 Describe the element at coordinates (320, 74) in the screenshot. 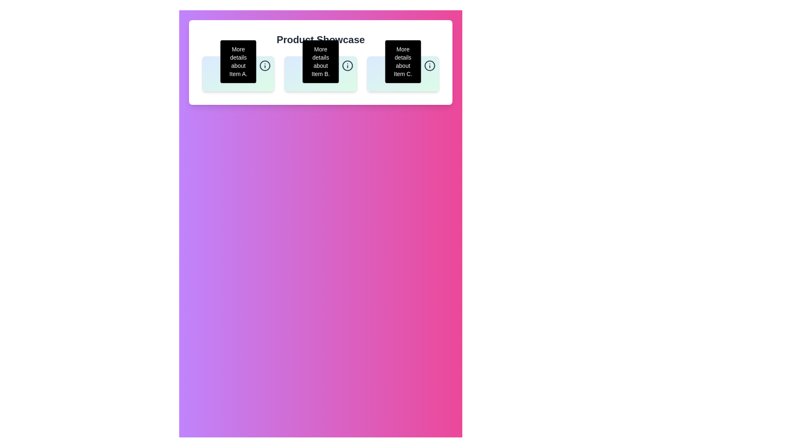

I see `the rectangular card with a gradient background labeled 'Item B', which is the second card in a row of three cards displayed horizontally` at that location.